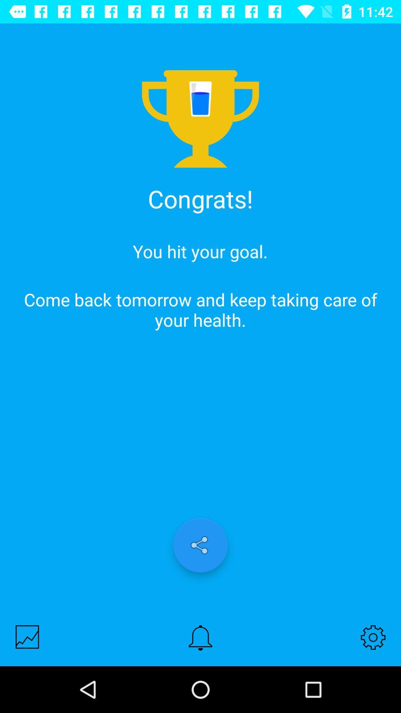 The width and height of the screenshot is (401, 713). I want to click on notification option, so click(200, 637).